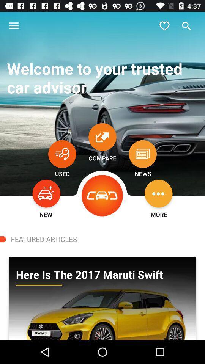 The height and width of the screenshot is (364, 205). Describe the element at coordinates (46, 193) in the screenshot. I see `the icon above new icon` at that location.